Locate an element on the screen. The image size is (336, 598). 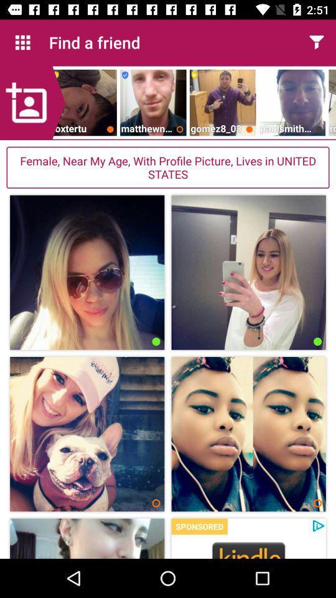
icon to the right of find a friend icon is located at coordinates (316, 42).